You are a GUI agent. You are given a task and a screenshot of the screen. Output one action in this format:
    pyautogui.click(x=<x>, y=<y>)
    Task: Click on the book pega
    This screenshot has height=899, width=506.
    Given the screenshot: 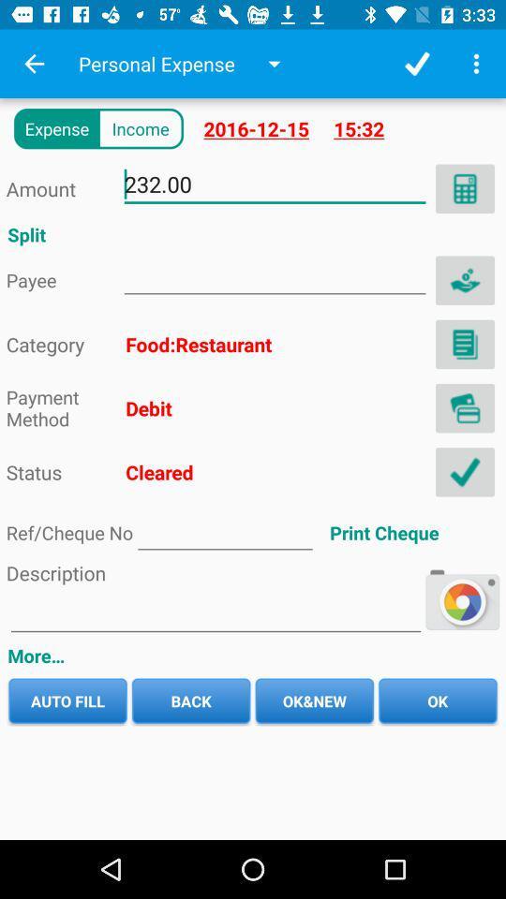 What is the action you would take?
    pyautogui.click(x=464, y=343)
    